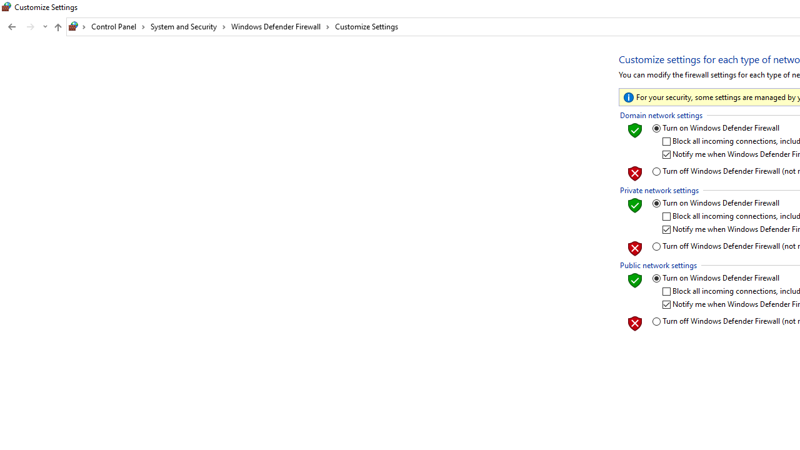 The height and width of the screenshot is (450, 800). What do you see at coordinates (77, 26) in the screenshot?
I see `'All locations'` at bounding box center [77, 26].